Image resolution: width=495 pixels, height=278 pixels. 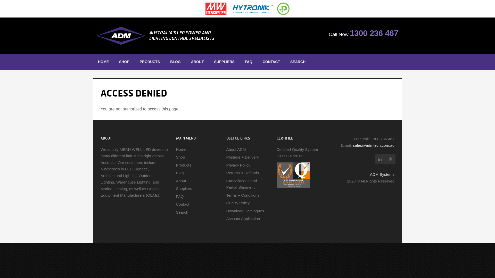 What do you see at coordinates (247, 9) in the screenshot?
I see `'MEAN WELL - Hytronic - Power Source'` at bounding box center [247, 9].